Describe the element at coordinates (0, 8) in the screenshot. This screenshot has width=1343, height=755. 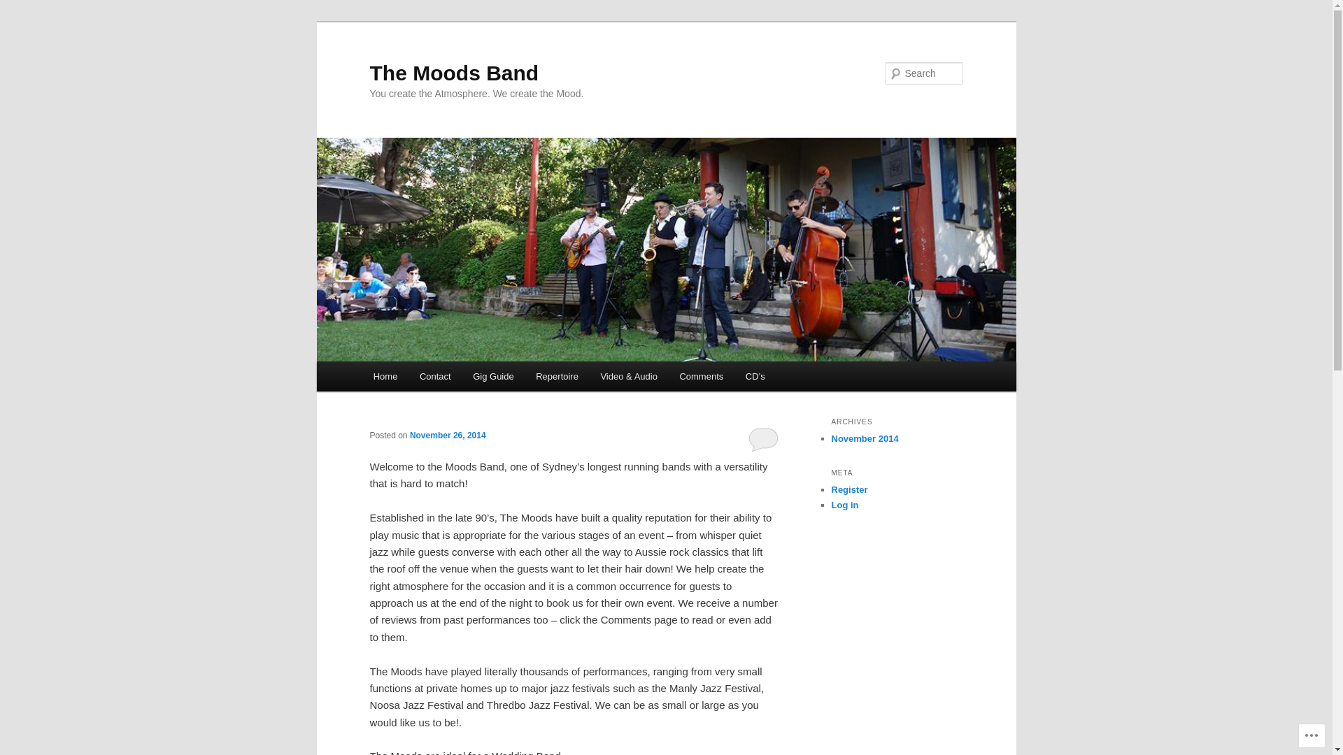
I see `'Search'` at that location.